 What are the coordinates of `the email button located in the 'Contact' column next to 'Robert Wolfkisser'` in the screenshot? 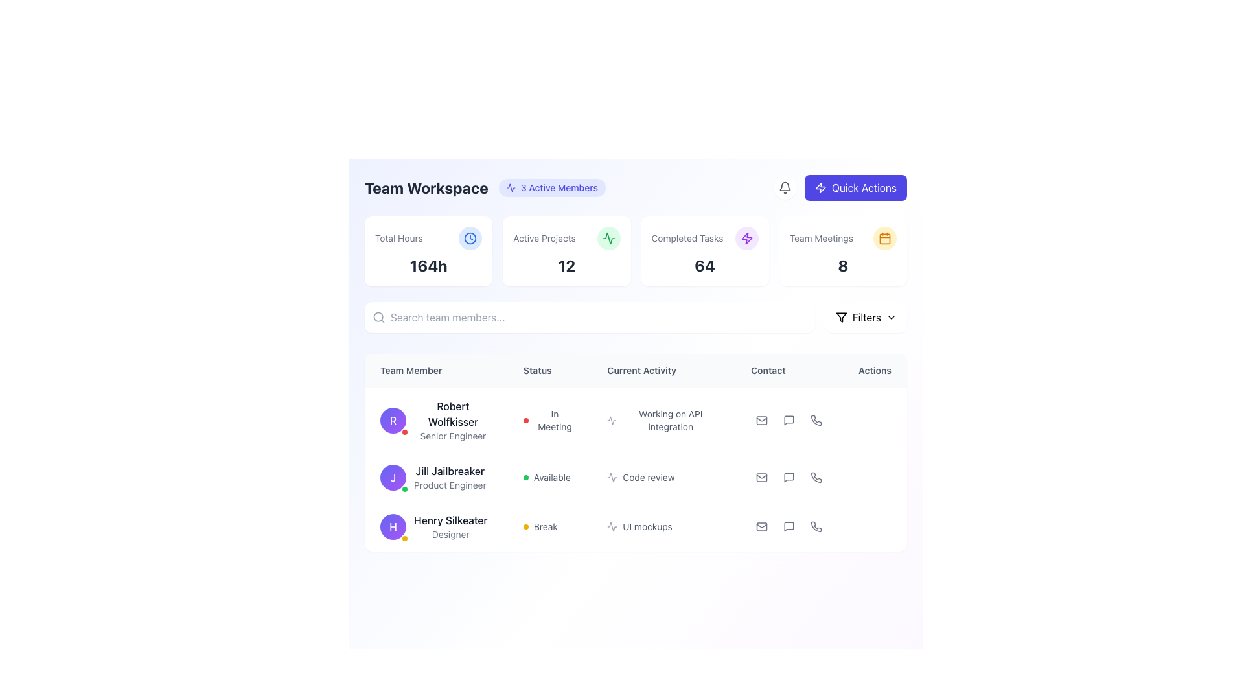 It's located at (762, 420).